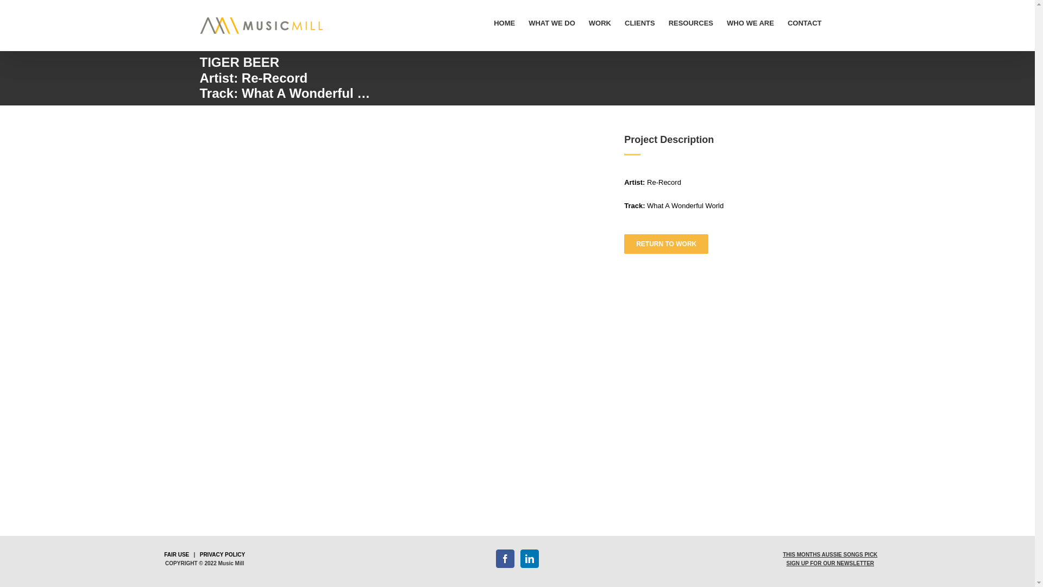 The height and width of the screenshot is (587, 1043). I want to click on 'SIGN UP FOR OUR NEWSLETTER', so click(830, 563).